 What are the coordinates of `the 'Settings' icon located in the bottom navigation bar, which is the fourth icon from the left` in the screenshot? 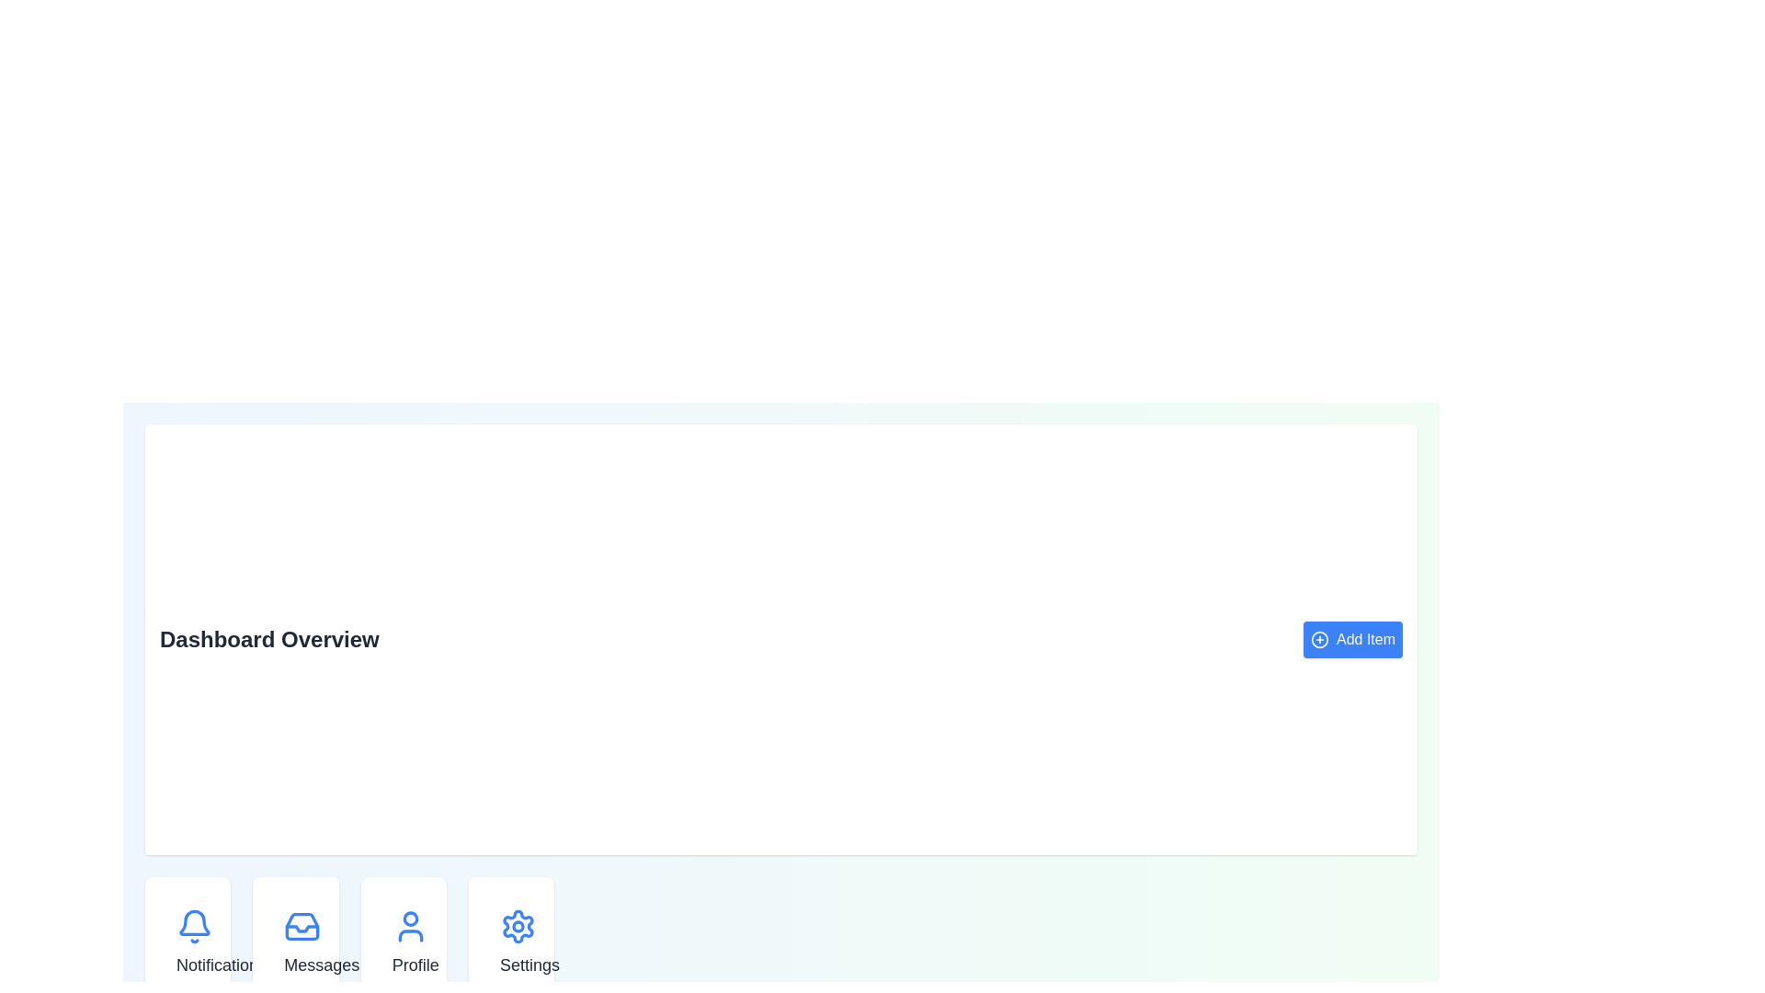 It's located at (518, 926).